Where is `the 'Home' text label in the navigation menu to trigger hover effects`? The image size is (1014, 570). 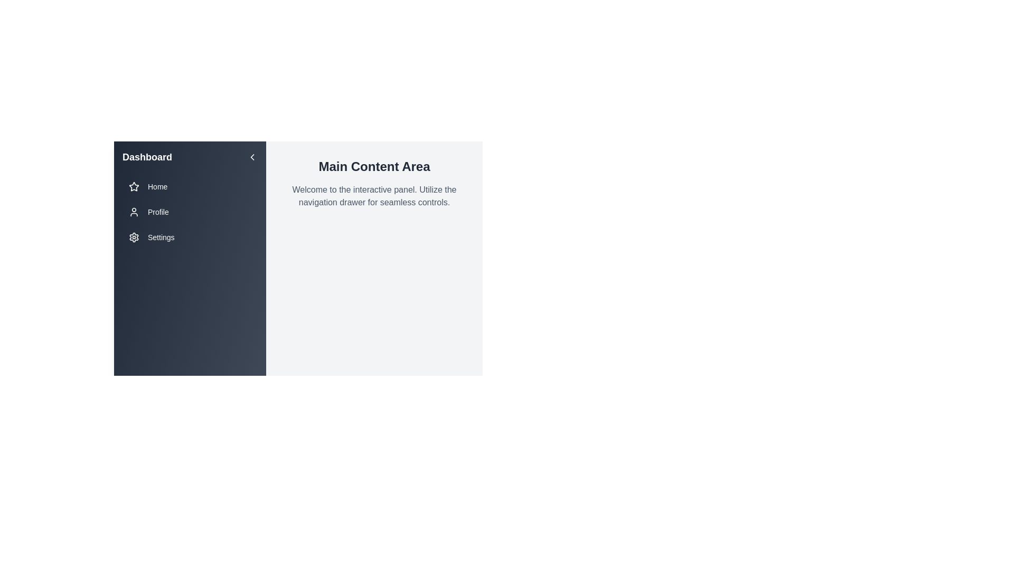 the 'Home' text label in the navigation menu to trigger hover effects is located at coordinates (157, 186).